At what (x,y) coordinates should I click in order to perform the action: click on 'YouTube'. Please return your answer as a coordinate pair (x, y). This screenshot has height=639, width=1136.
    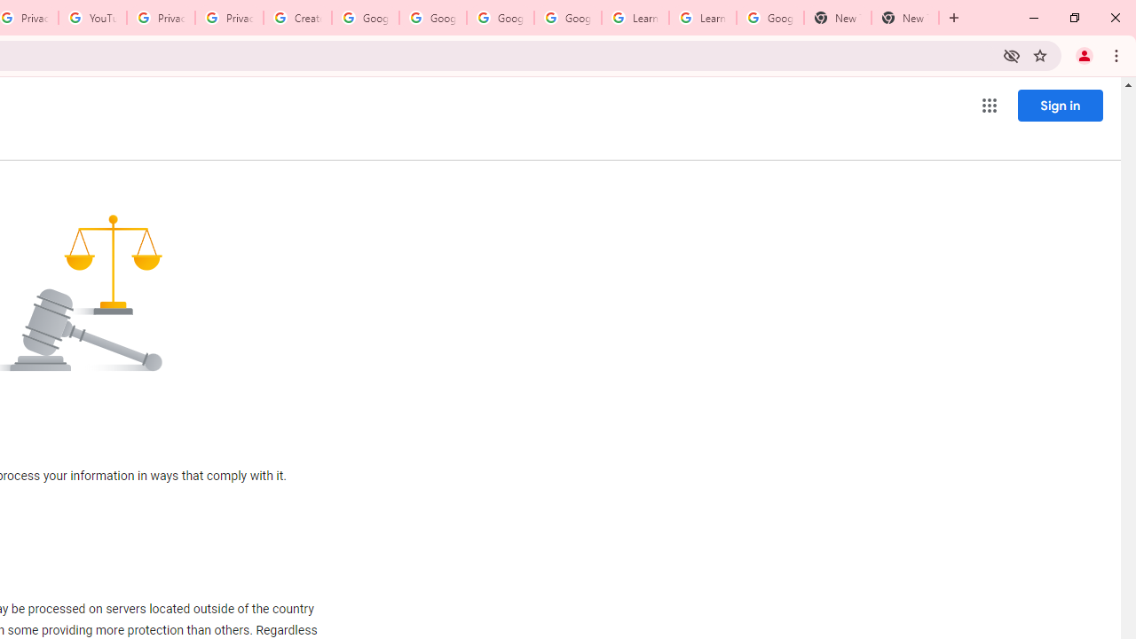
    Looking at the image, I should click on (91, 18).